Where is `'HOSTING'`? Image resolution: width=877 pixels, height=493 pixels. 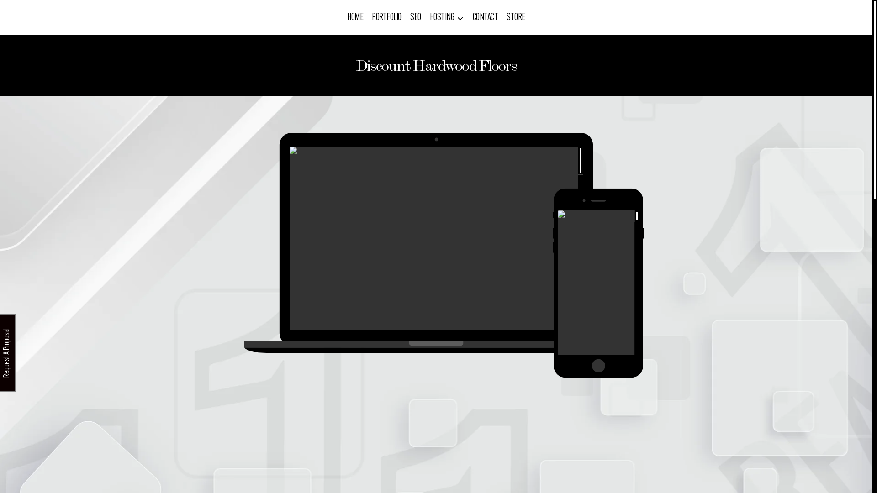 'HOSTING' is located at coordinates (447, 17).